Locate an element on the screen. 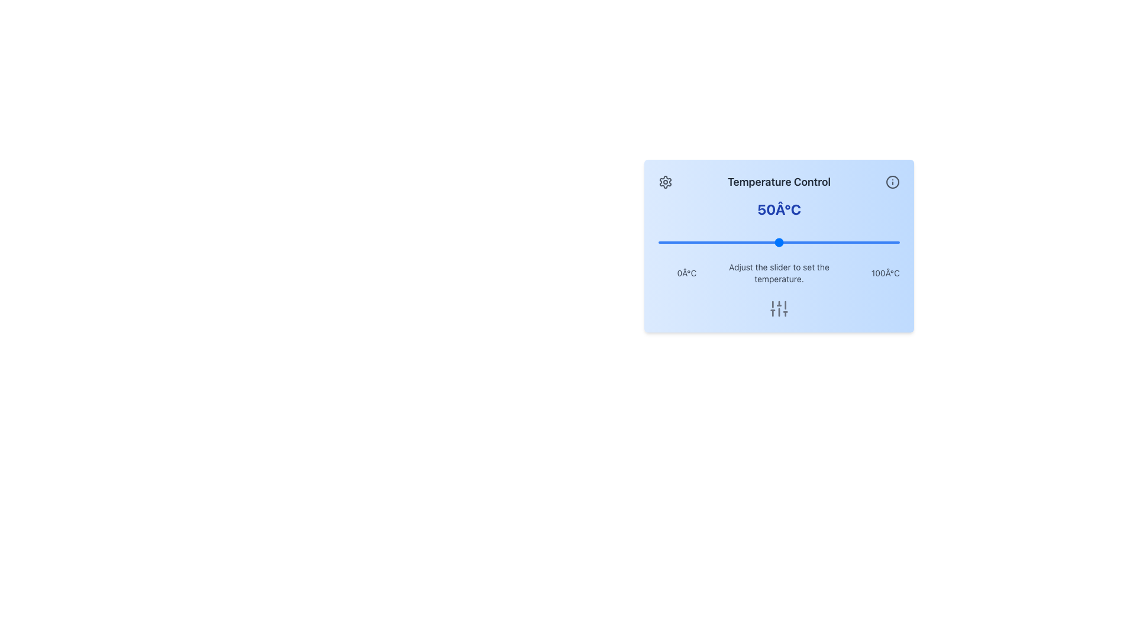 The height and width of the screenshot is (639, 1136). the Text Display element that shows '50Â°C' in a bold, blue font within a light blue card interface is located at coordinates (779, 209).